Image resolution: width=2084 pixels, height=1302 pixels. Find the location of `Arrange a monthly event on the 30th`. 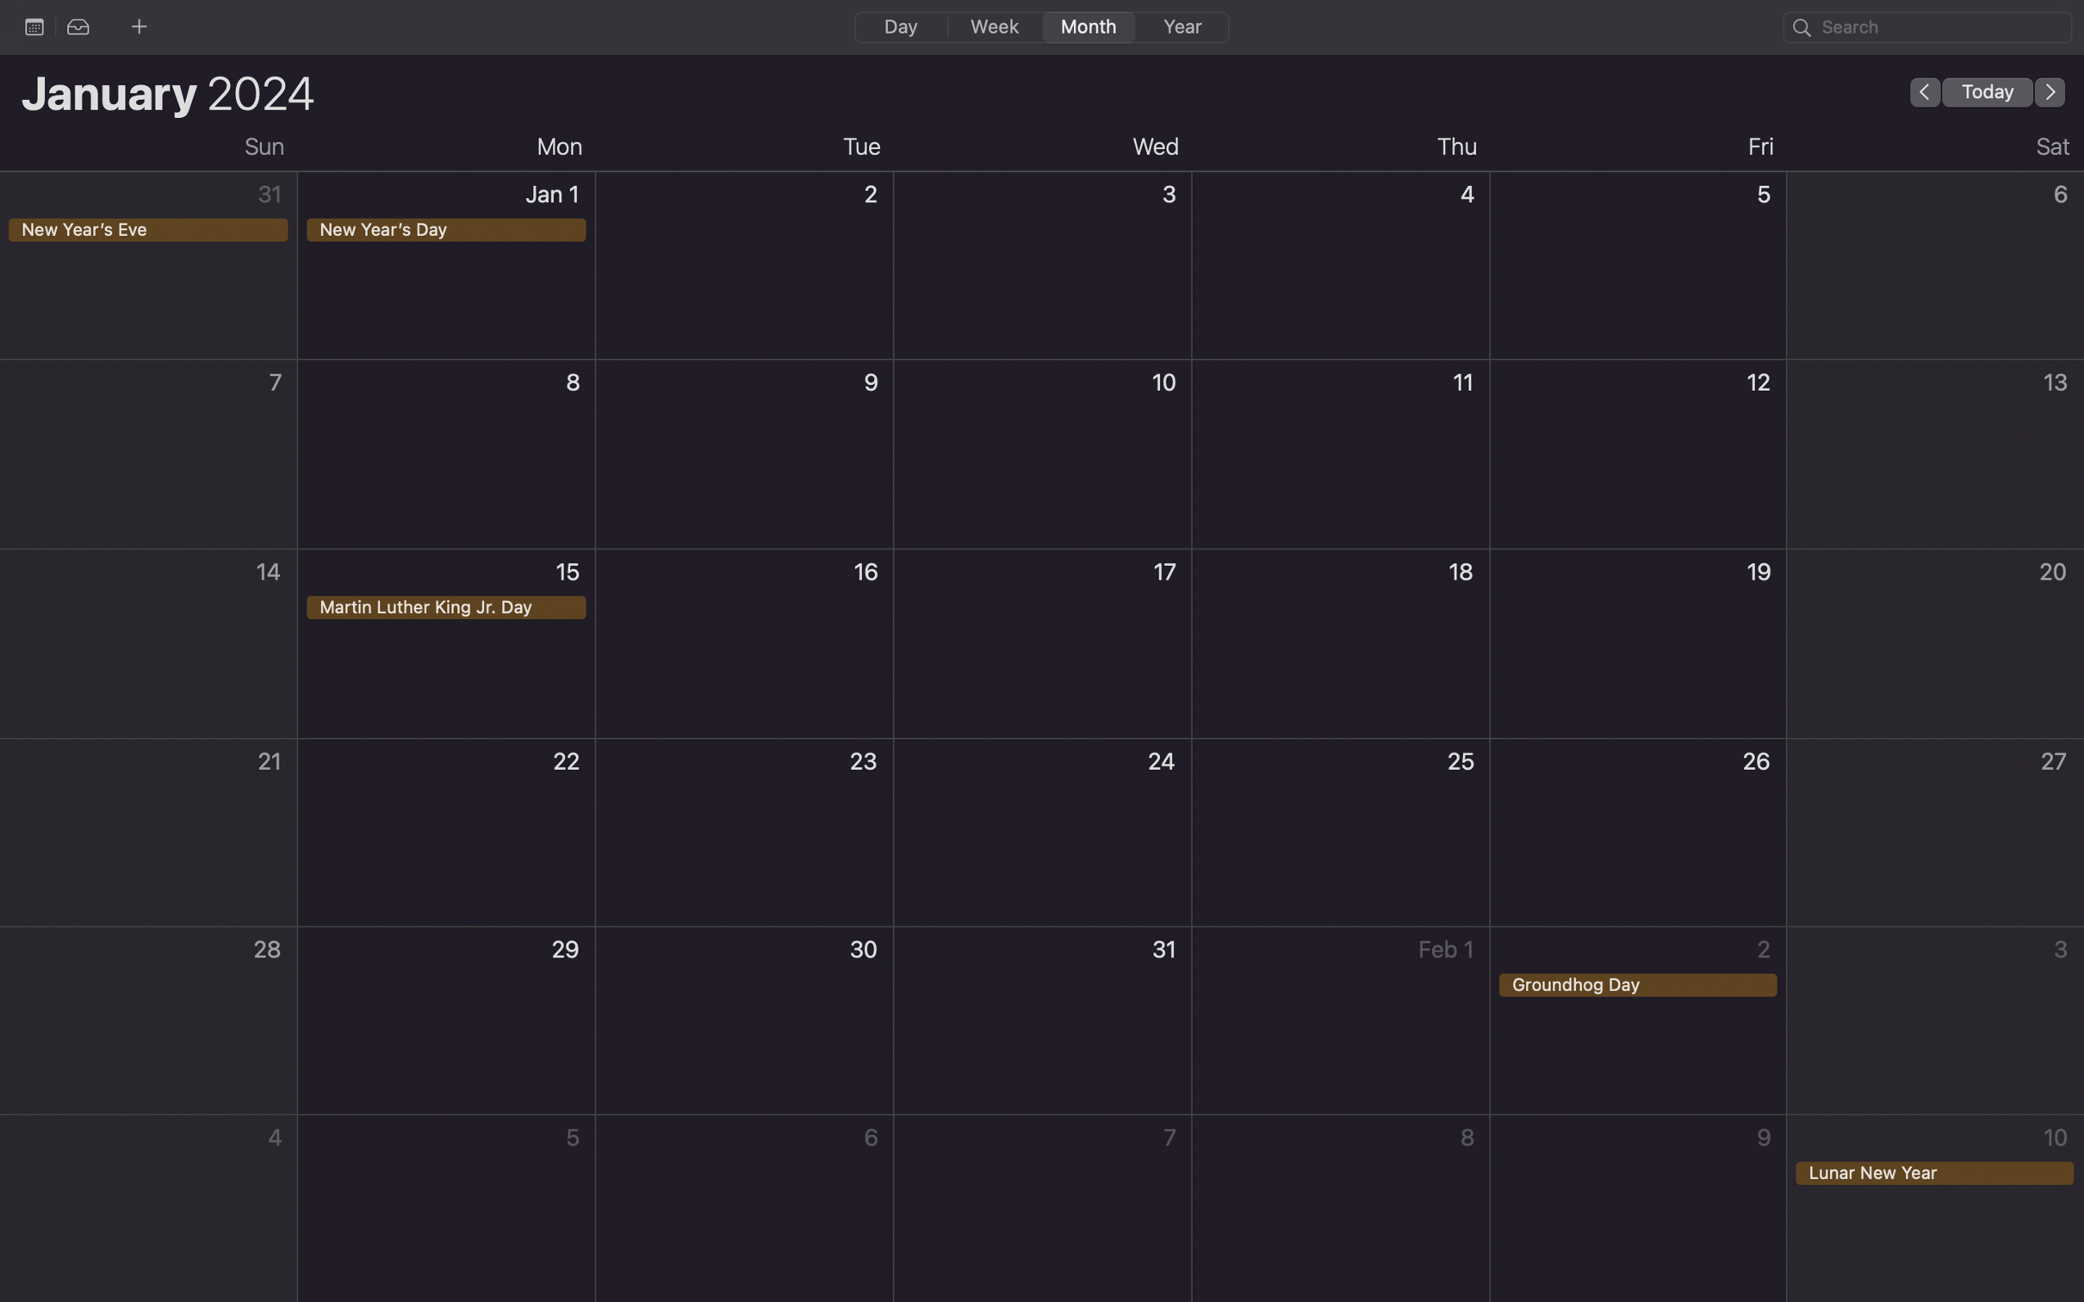

Arrange a monthly event on the 30th is located at coordinates (745, 1022).